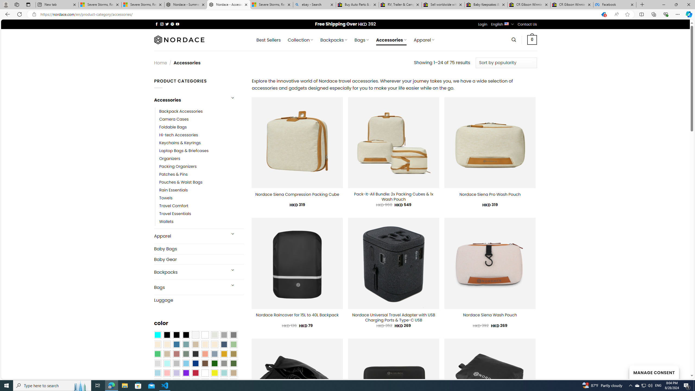 This screenshot has width=695, height=391. Describe the element at coordinates (205, 335) in the screenshot. I see `'Clear'` at that location.